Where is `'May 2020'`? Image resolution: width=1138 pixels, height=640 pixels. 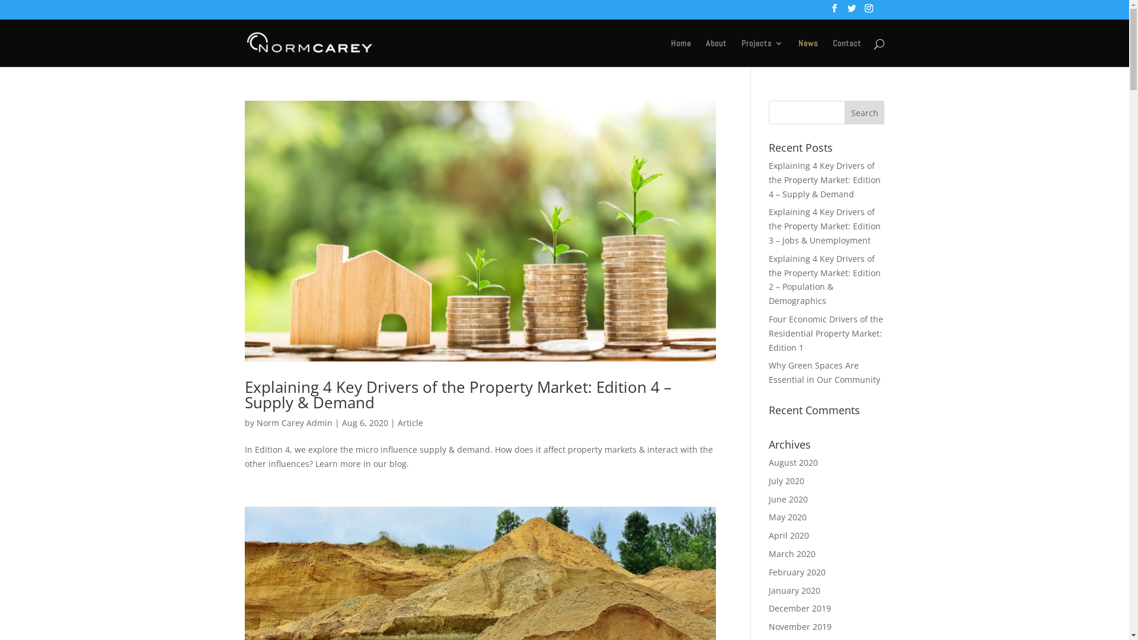
'May 2020' is located at coordinates (788, 516).